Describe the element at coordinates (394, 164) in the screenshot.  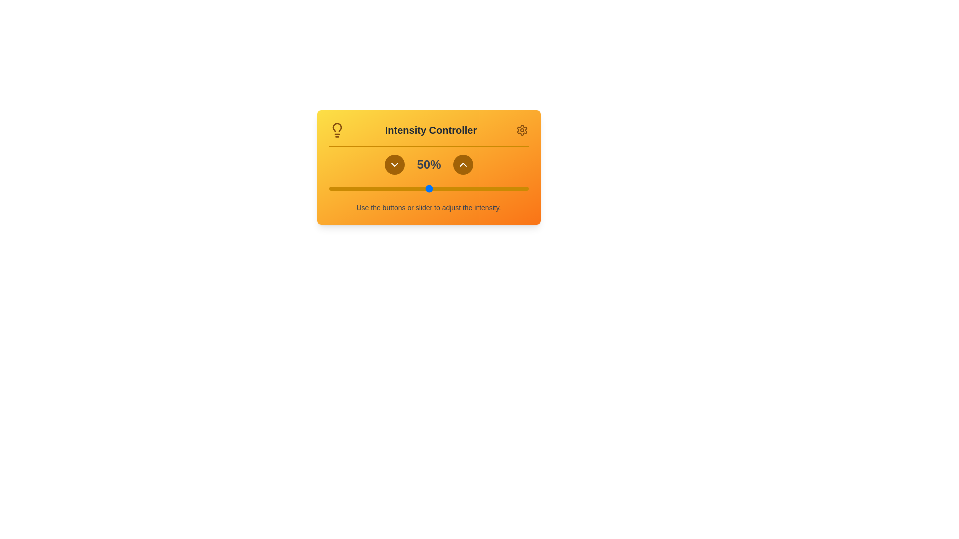
I see `the chevron down icon within the button that decreases the intensity value displayed as '50%'` at that location.